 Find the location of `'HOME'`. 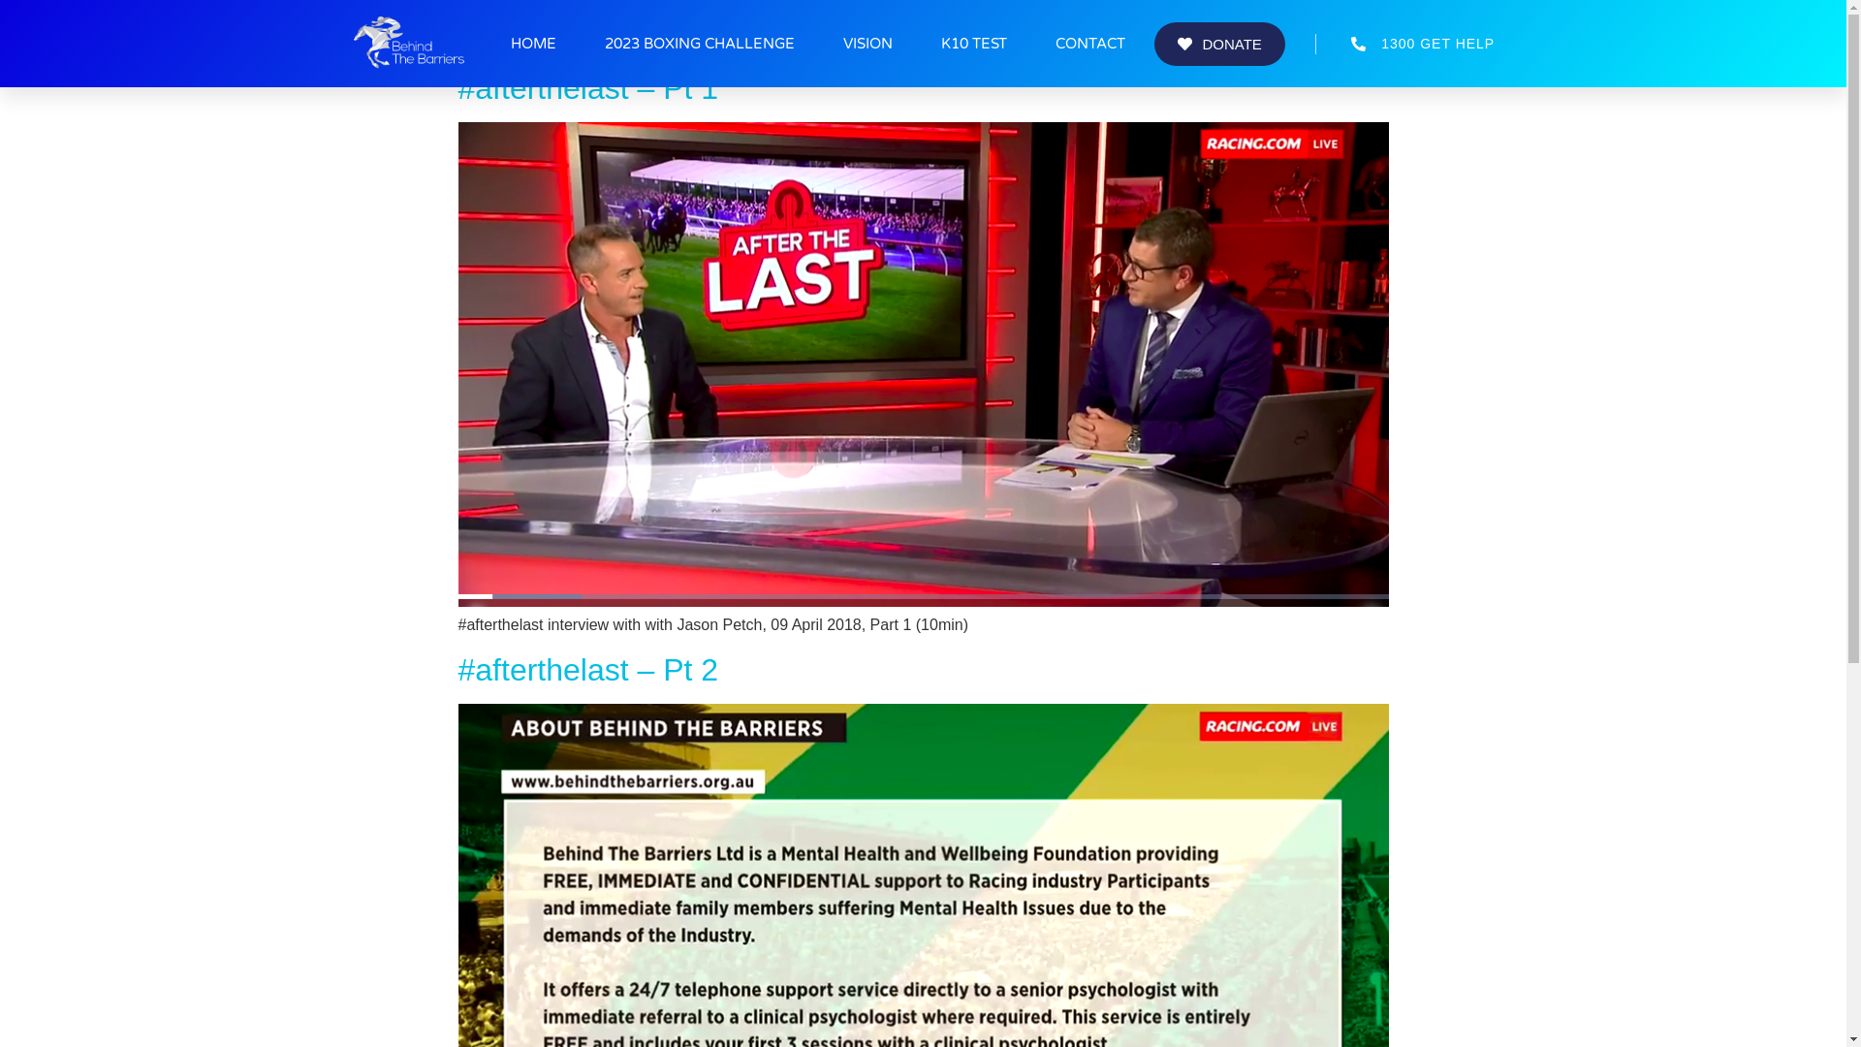

'HOME' is located at coordinates (533, 44).